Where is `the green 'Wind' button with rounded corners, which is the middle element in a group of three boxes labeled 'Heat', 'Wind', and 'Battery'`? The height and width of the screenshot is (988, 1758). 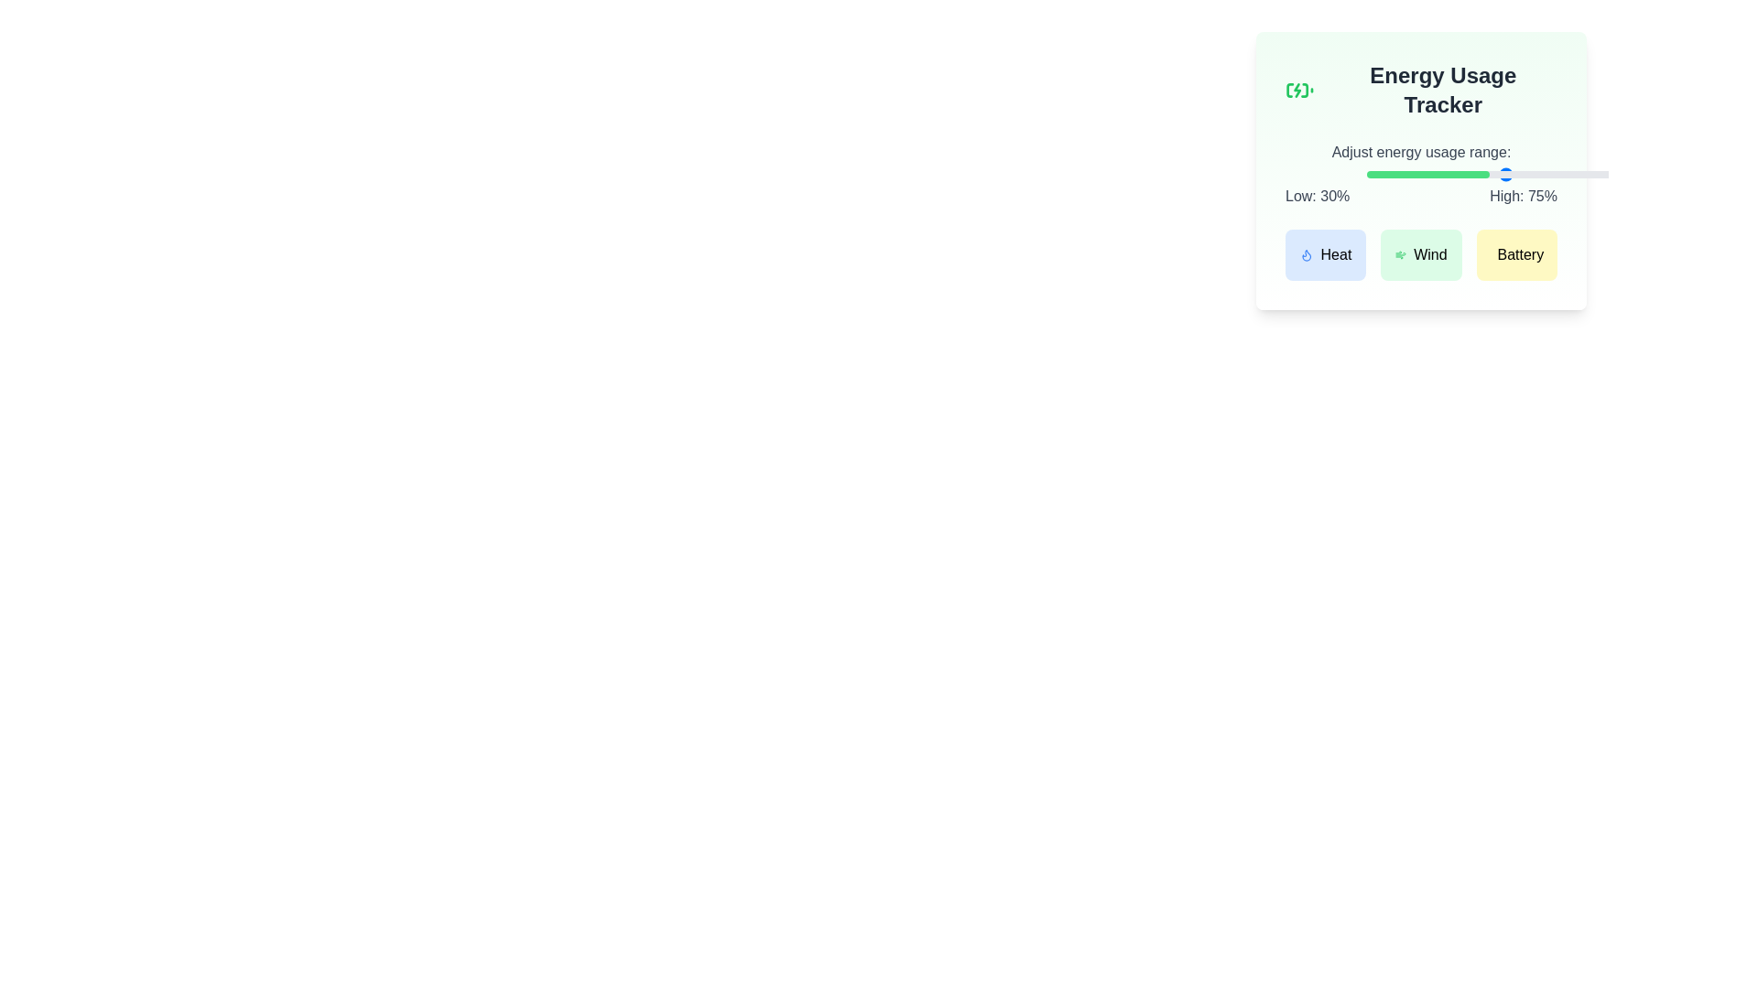 the green 'Wind' button with rounded corners, which is the middle element in a group of three boxes labeled 'Heat', 'Wind', and 'Battery' is located at coordinates (1420, 254).